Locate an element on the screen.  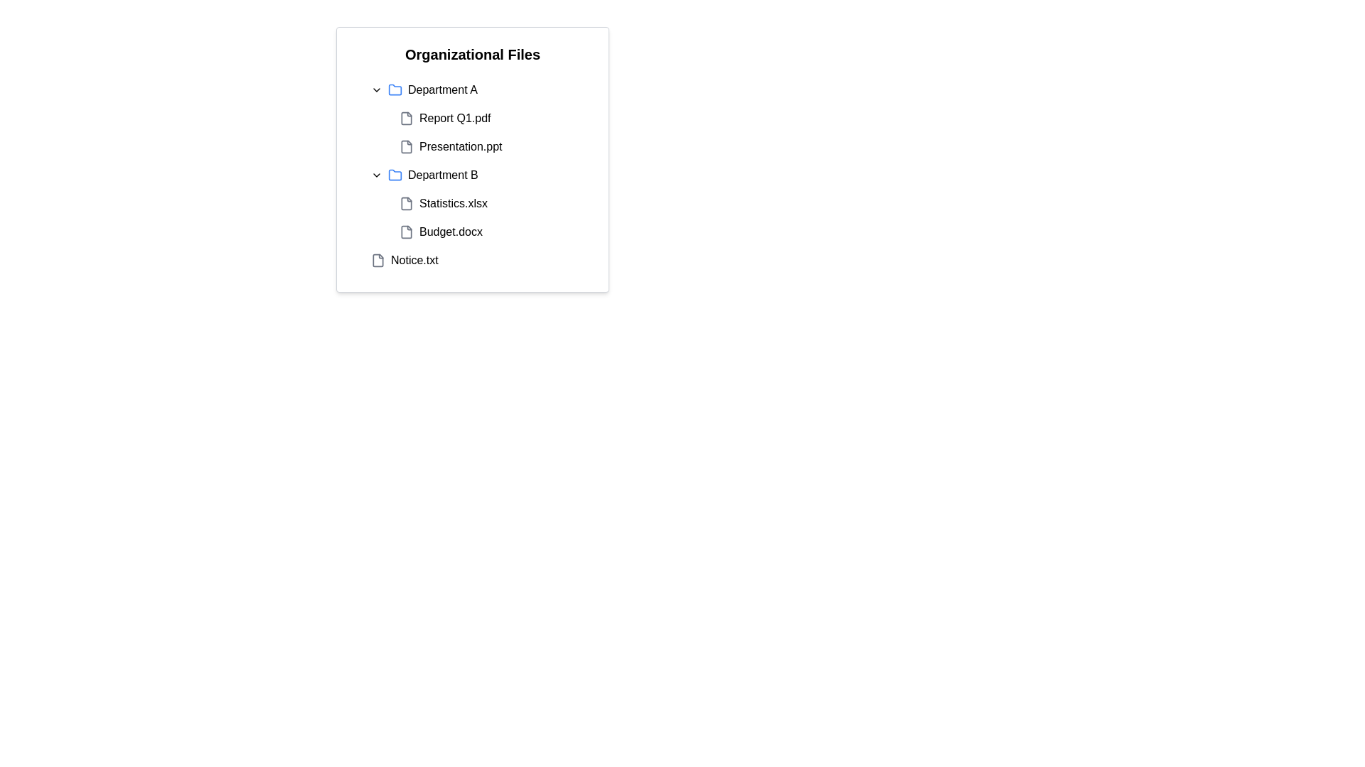
the list item labeled 'Report Q1.pdf' located under the 'Department A' section is located at coordinates (487, 117).